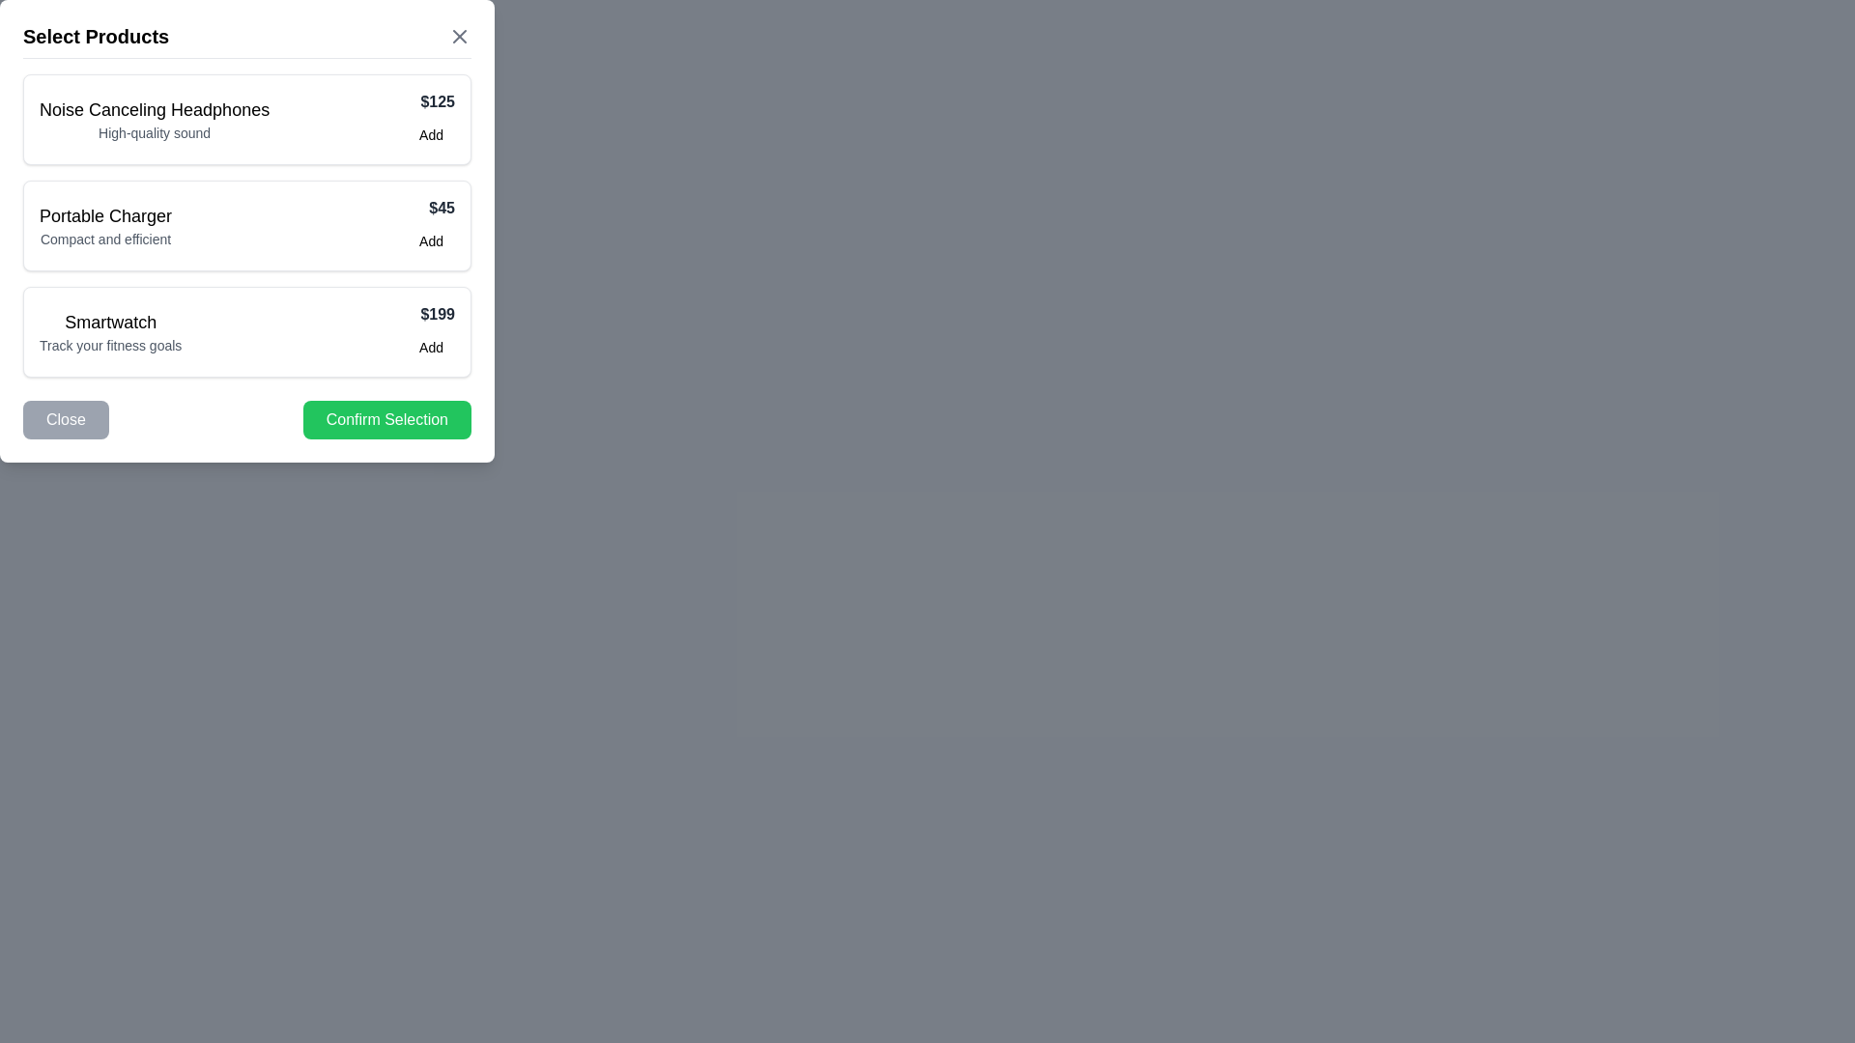  I want to click on the 'Noise Canceling Headphones' text label, so click(155, 110).